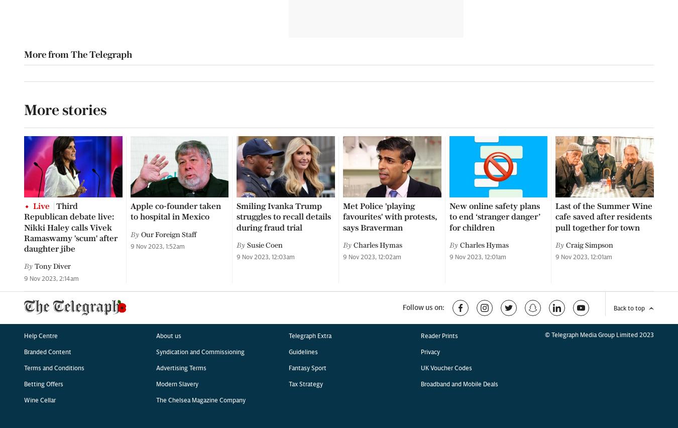 Image resolution: width=678 pixels, height=428 pixels. What do you see at coordinates (305, 105) in the screenshot?
I see `'Tax Strategy'` at bounding box center [305, 105].